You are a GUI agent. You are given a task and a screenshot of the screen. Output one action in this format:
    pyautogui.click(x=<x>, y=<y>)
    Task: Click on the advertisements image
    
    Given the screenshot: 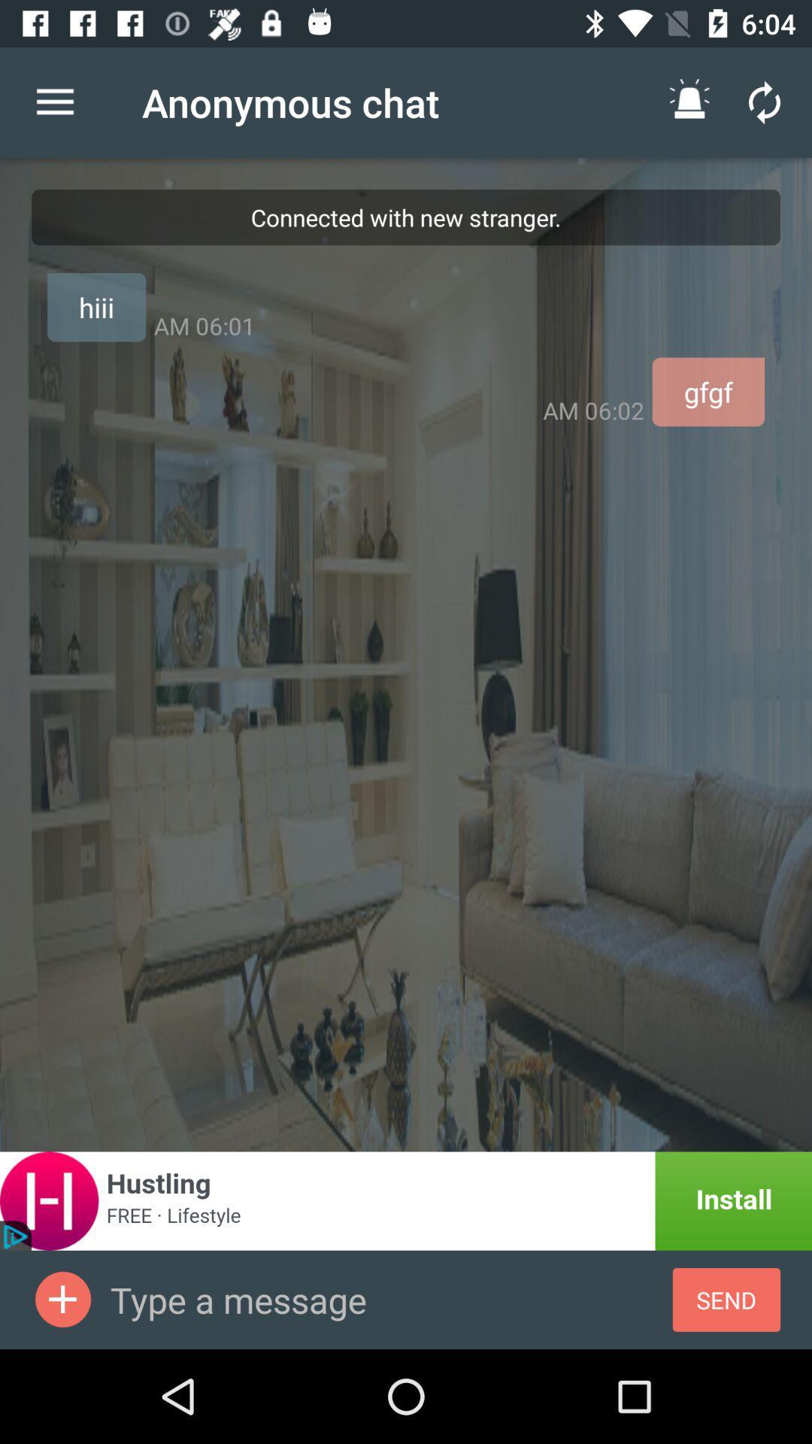 What is the action you would take?
    pyautogui.click(x=62, y=1299)
    